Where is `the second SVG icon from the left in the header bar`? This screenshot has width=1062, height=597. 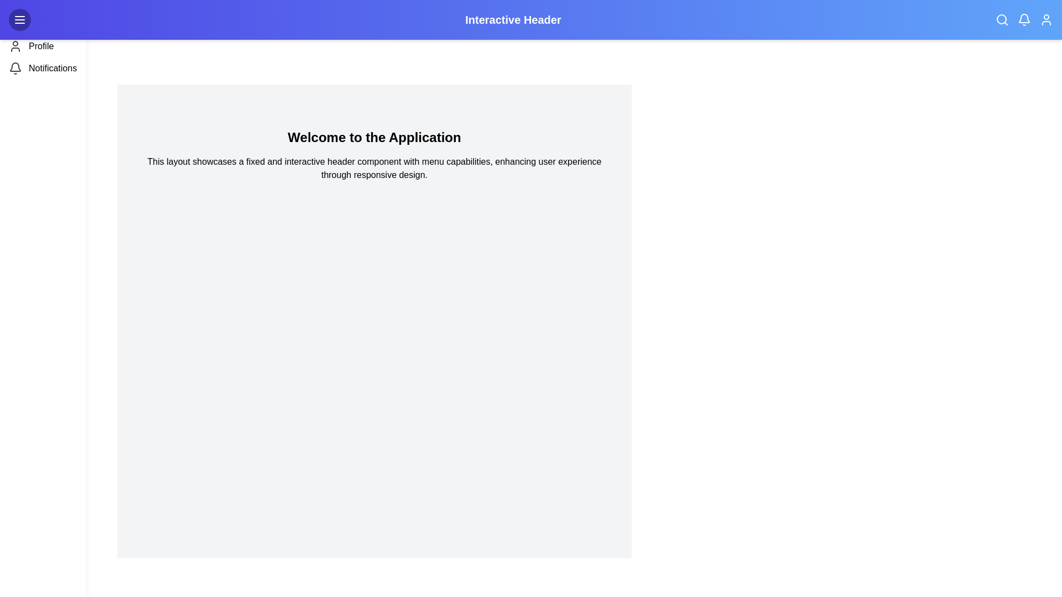 the second SVG icon from the left in the header bar is located at coordinates (1024, 18).